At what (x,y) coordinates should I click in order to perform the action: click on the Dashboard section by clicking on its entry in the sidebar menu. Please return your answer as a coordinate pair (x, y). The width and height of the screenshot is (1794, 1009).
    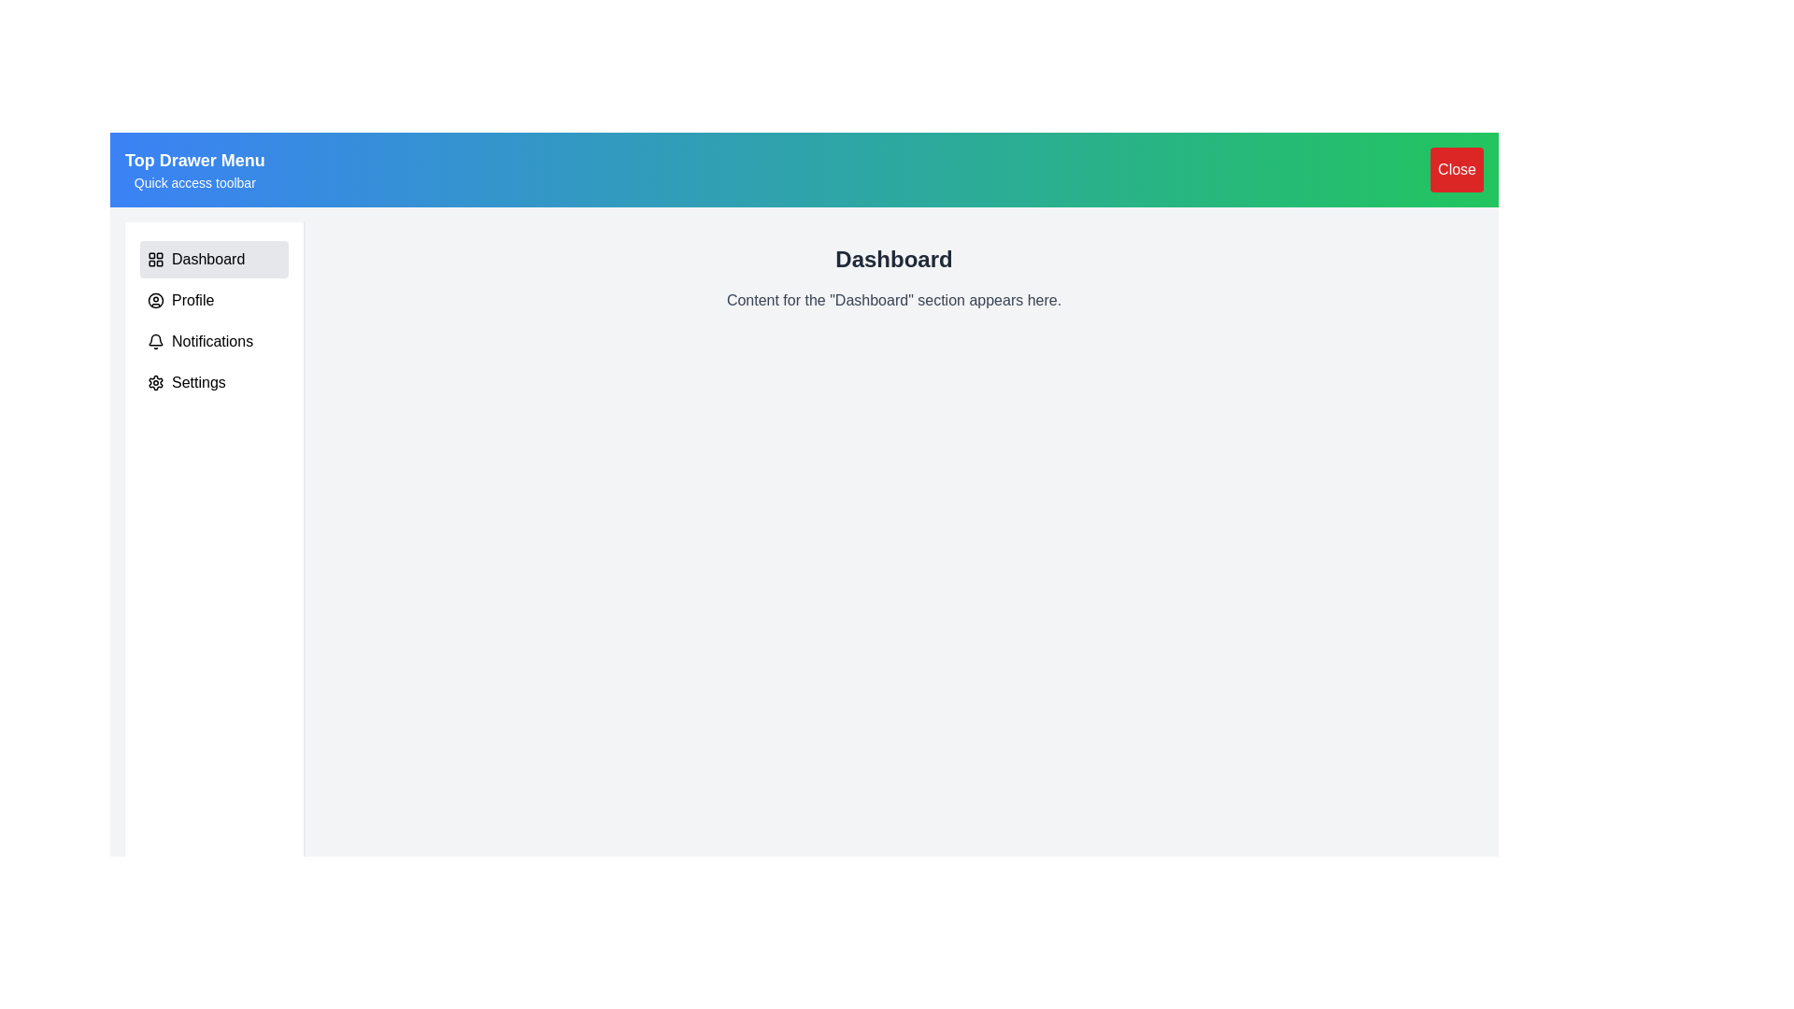
    Looking at the image, I should click on (214, 259).